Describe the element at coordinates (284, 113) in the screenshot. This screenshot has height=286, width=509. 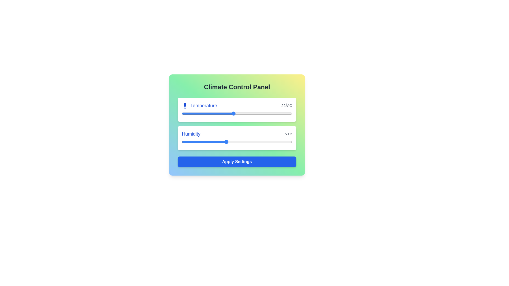
I see `the temperature slider` at that location.